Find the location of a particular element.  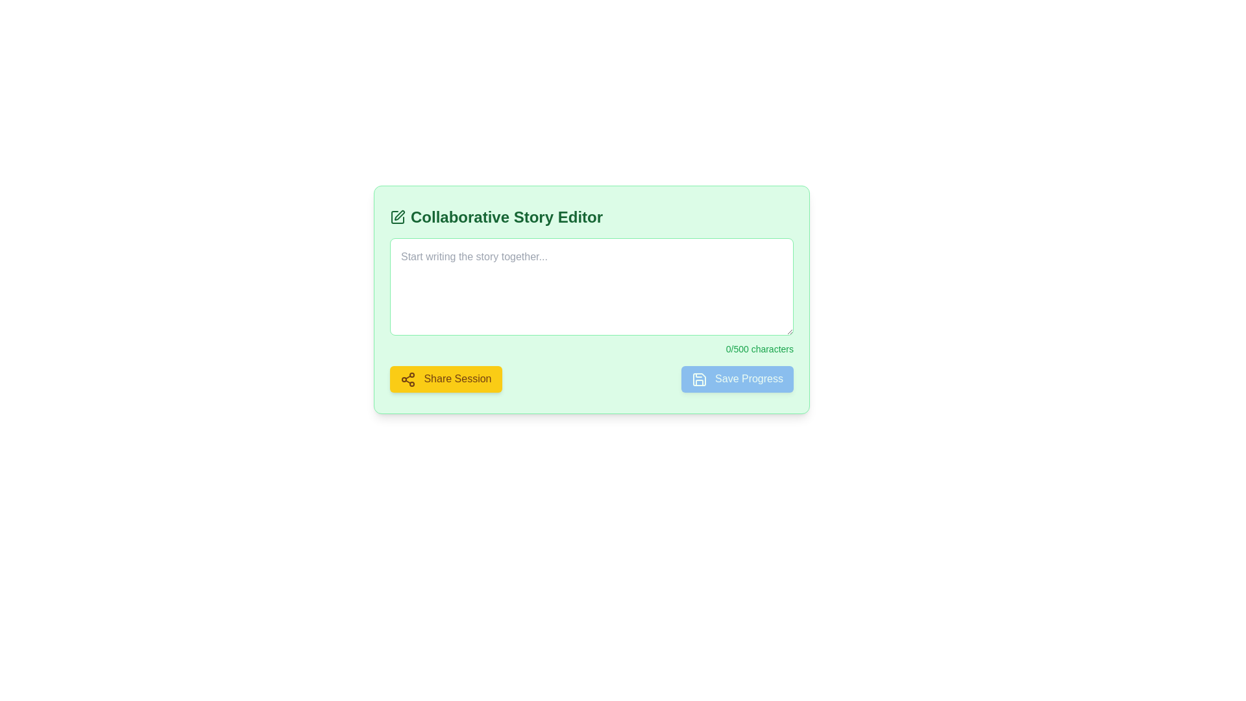

the pen-shaped icon located at the top-left corner of the interface, which is the first icon in its group is located at coordinates (398, 214).